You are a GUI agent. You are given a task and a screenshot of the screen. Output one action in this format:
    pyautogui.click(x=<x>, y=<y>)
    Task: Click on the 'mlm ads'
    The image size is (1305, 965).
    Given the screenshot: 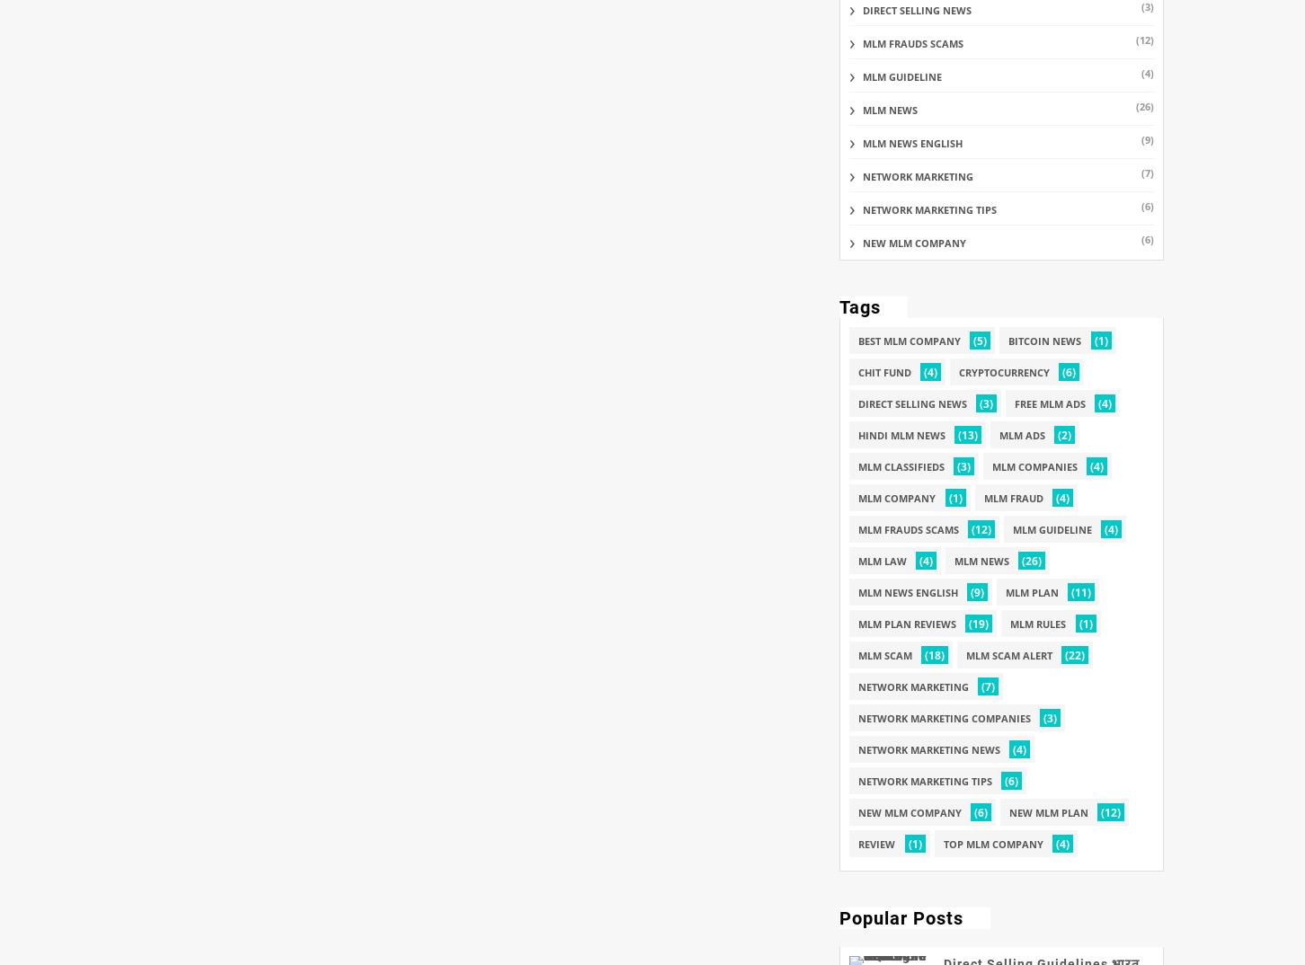 What is the action you would take?
    pyautogui.click(x=1022, y=435)
    